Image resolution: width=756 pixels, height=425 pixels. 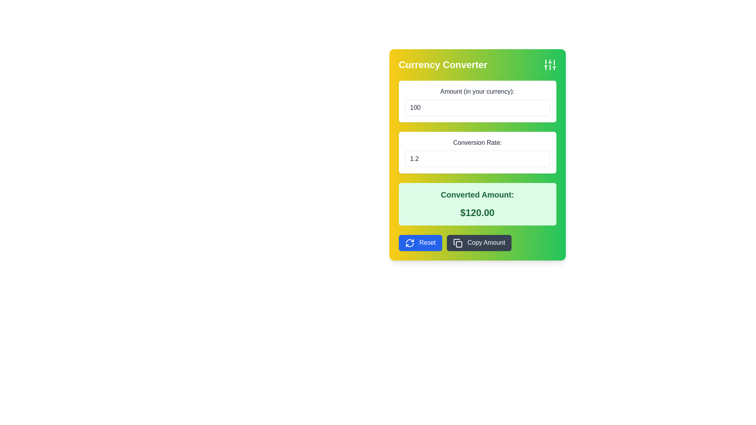 What do you see at coordinates (477, 142) in the screenshot?
I see `the Text Label that describes the purpose of the numeric input field for currency conversion, located above the numeric input box and below the 'Amount (in your currency)' input box` at bounding box center [477, 142].